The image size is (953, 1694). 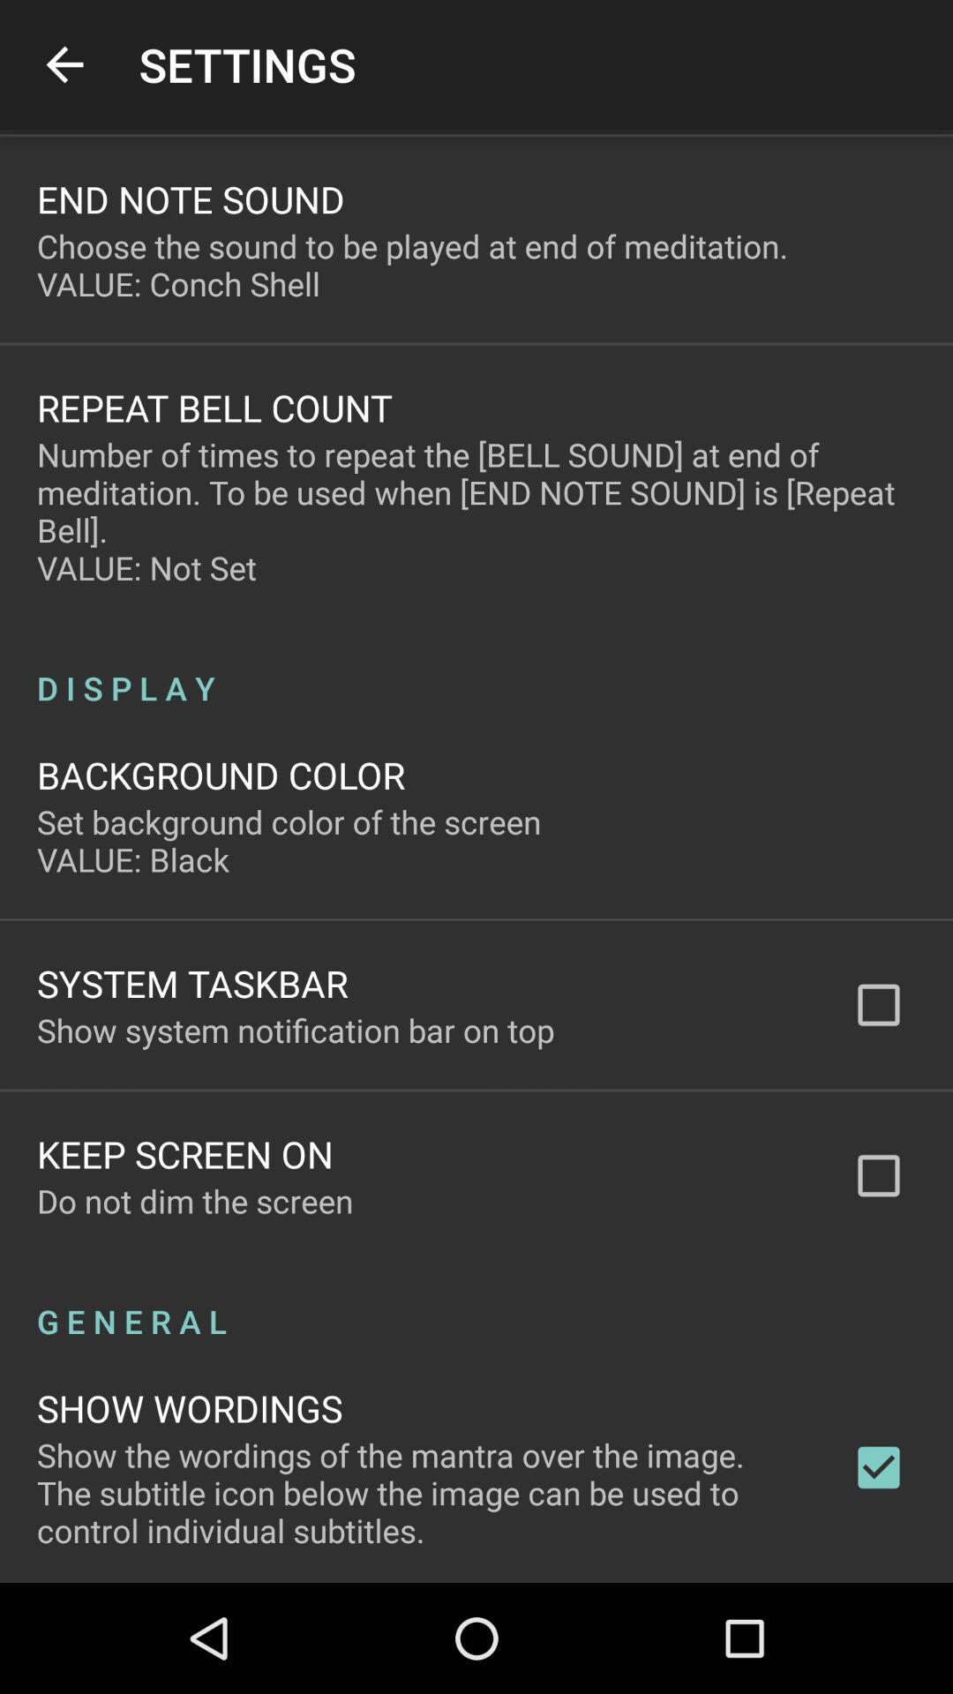 What do you see at coordinates (476, 510) in the screenshot?
I see `item above d i s icon` at bounding box center [476, 510].